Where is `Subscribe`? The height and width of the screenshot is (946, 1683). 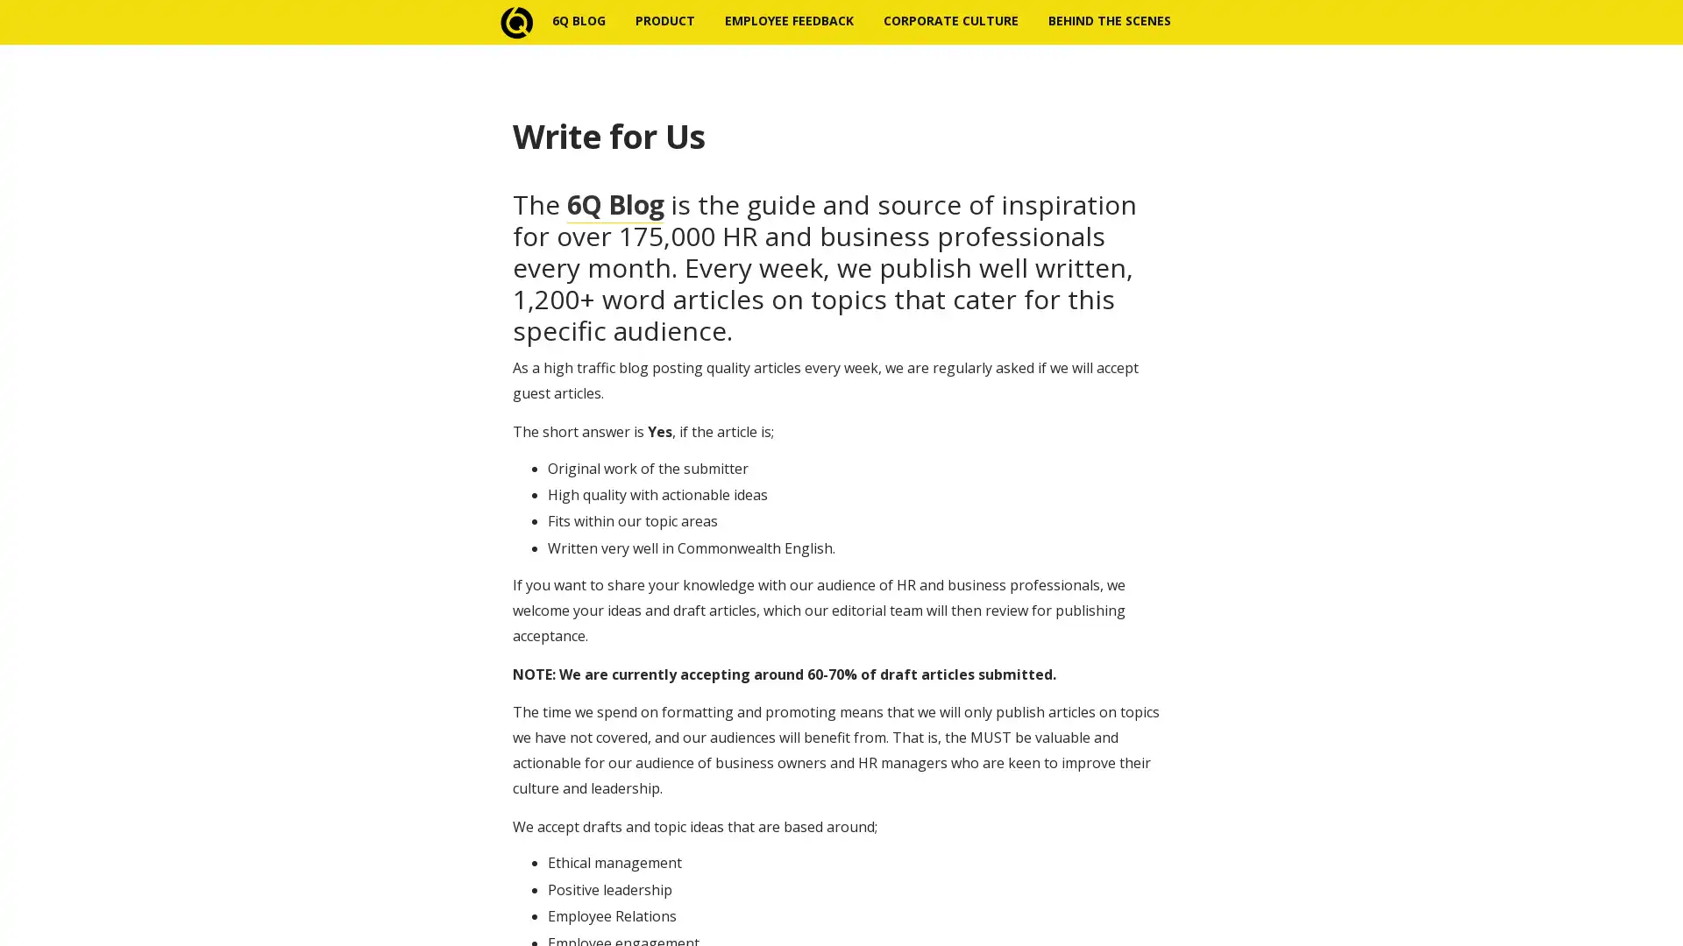 Subscribe is located at coordinates (1034, 921).